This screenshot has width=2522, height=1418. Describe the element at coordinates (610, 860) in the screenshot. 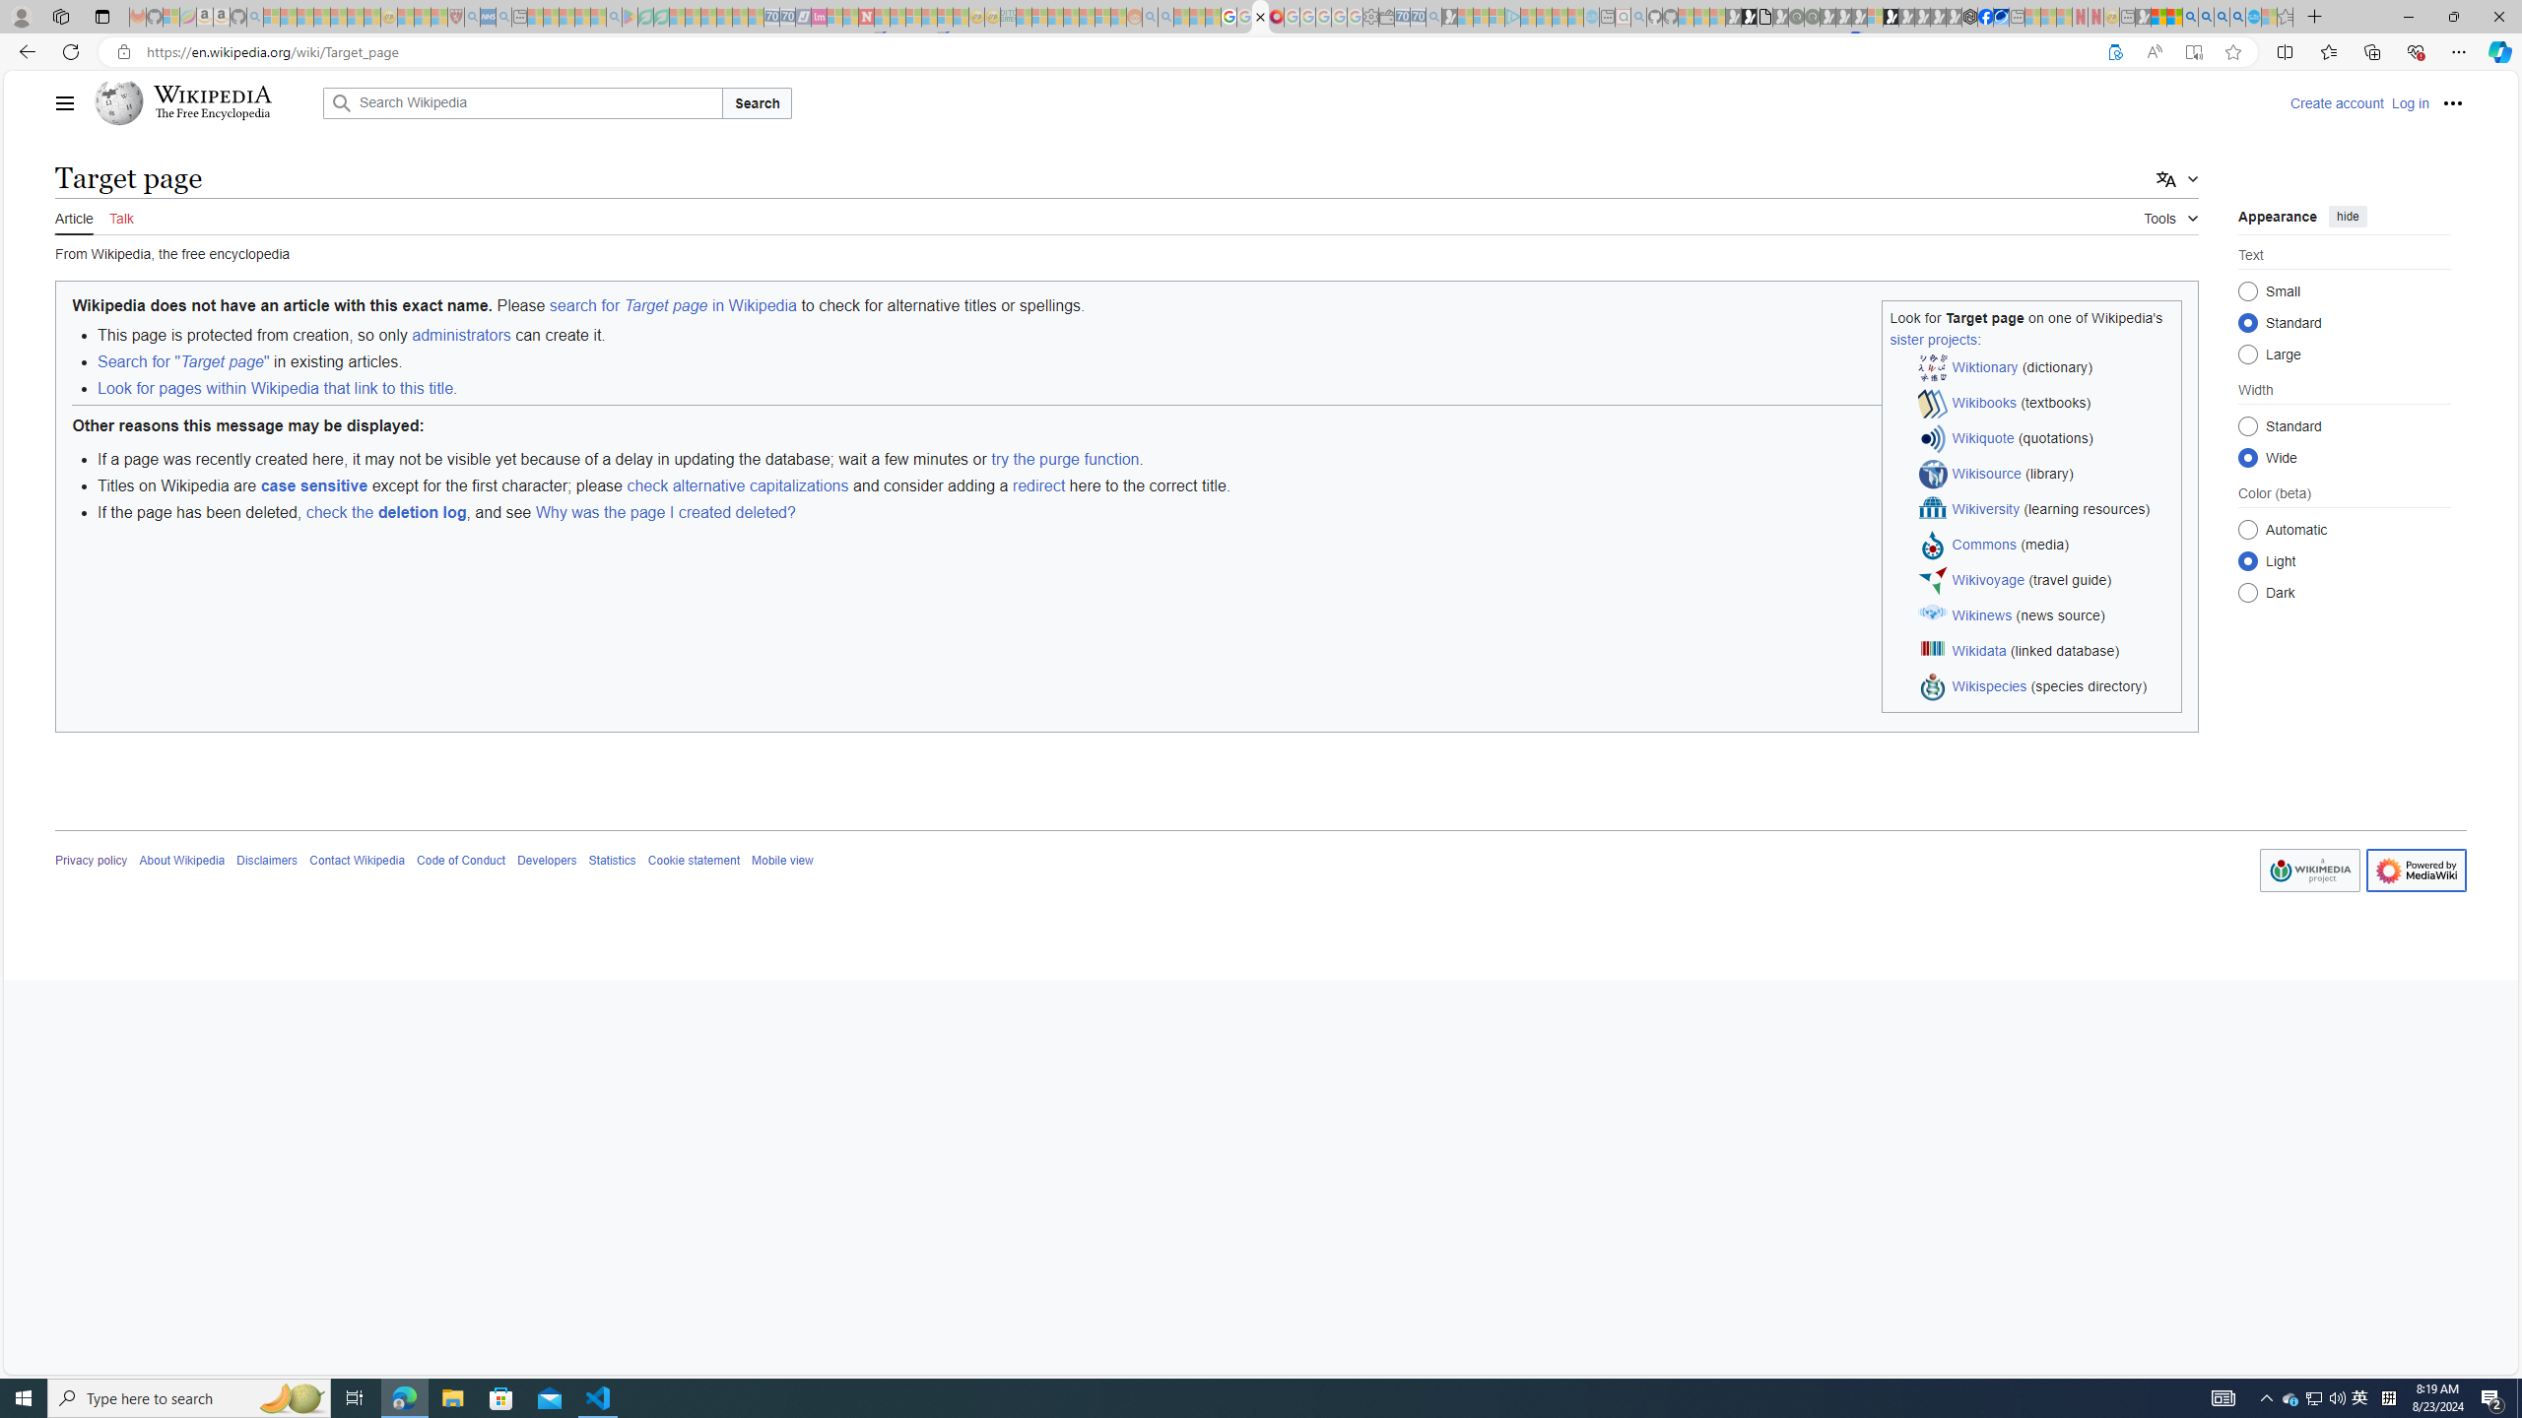

I see `'Statistics'` at that location.